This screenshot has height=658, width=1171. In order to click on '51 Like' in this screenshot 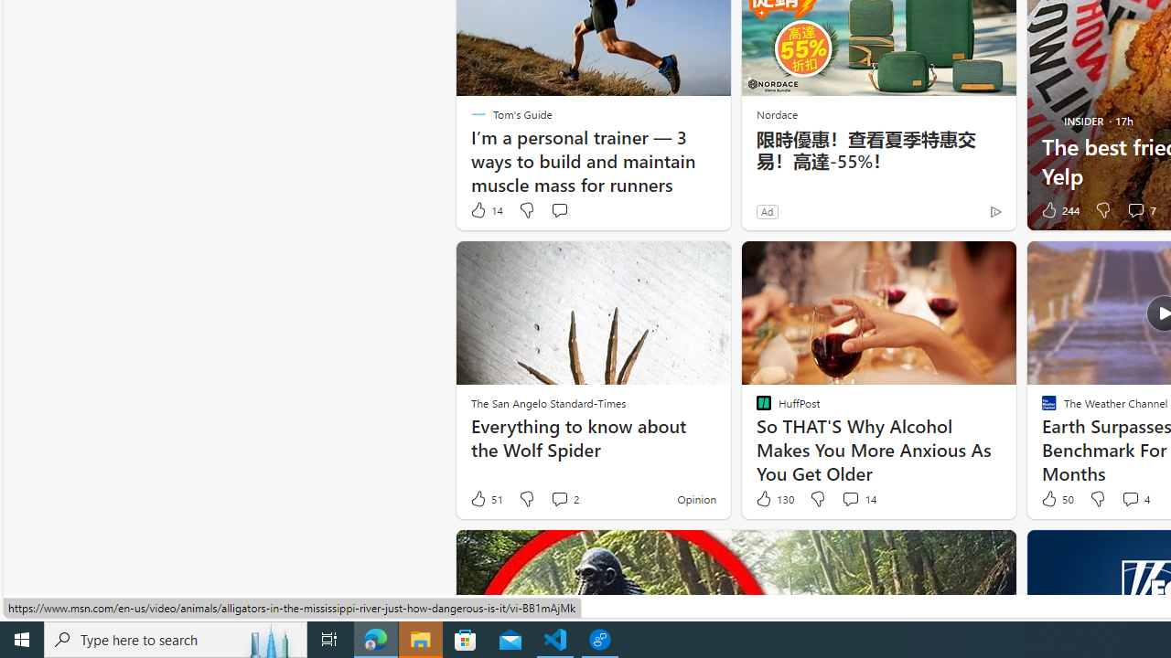, I will do `click(486, 499)`.